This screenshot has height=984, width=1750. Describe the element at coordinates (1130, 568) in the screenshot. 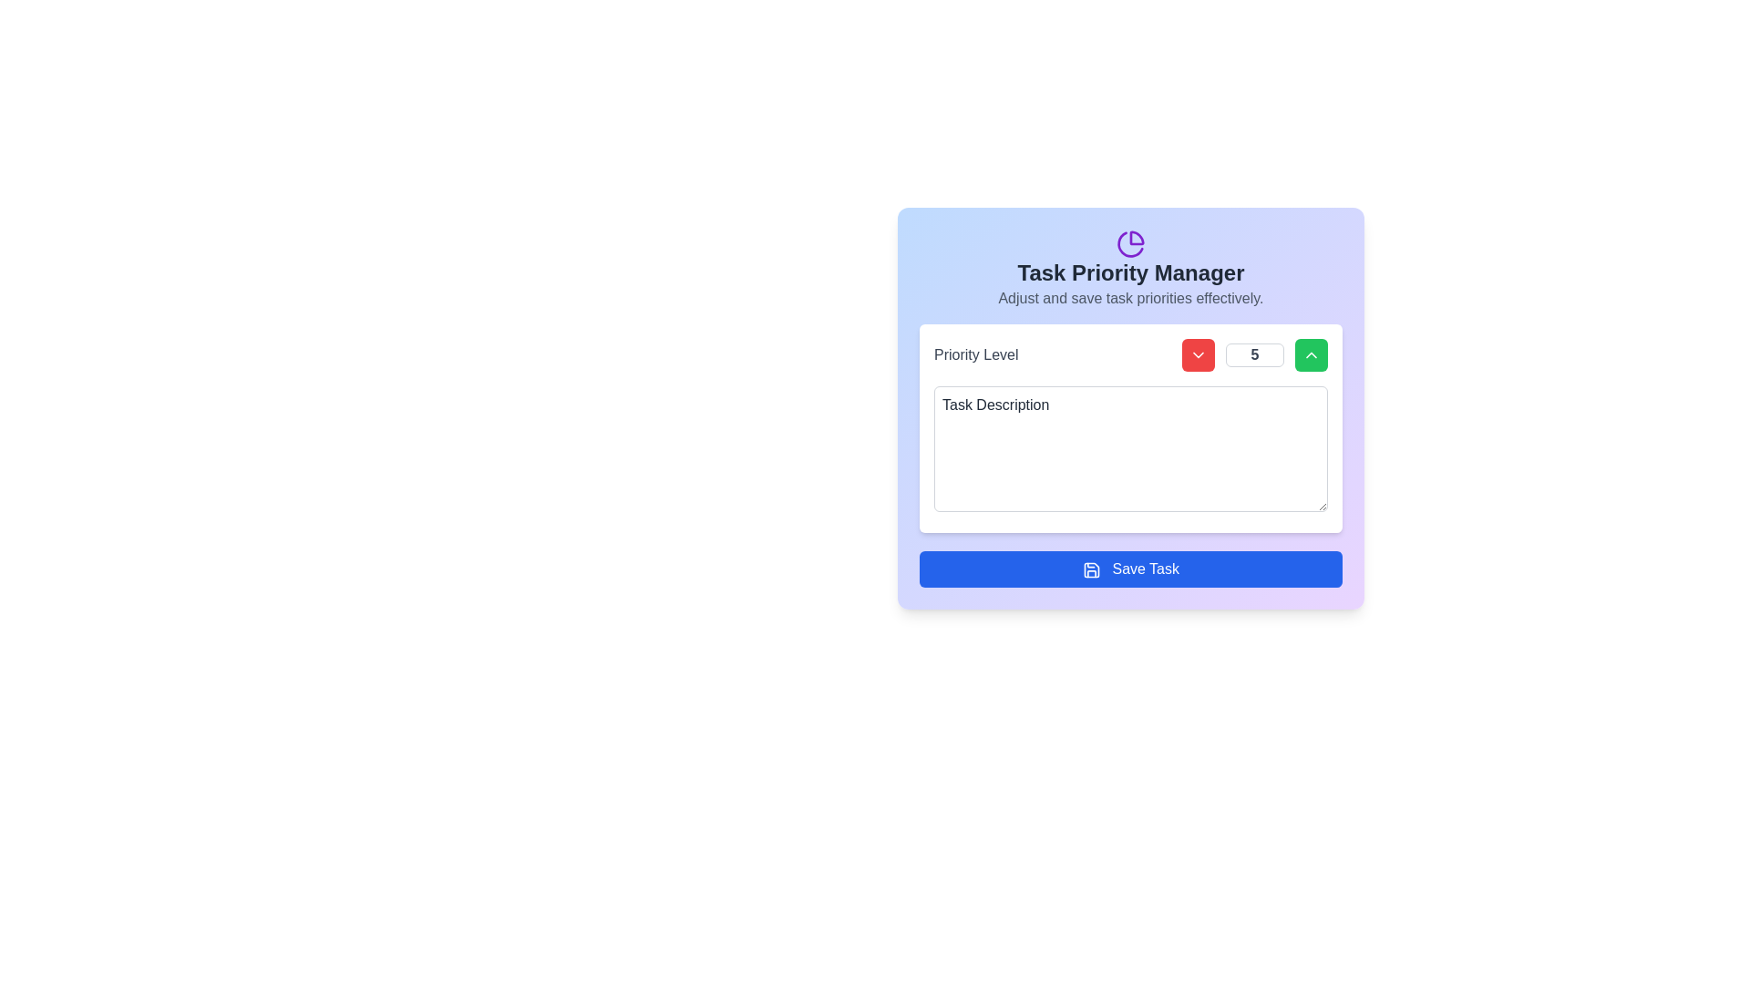

I see `the submit button located at the bottom of the 'Task Priority Manager' card for keyboard interaction` at that location.